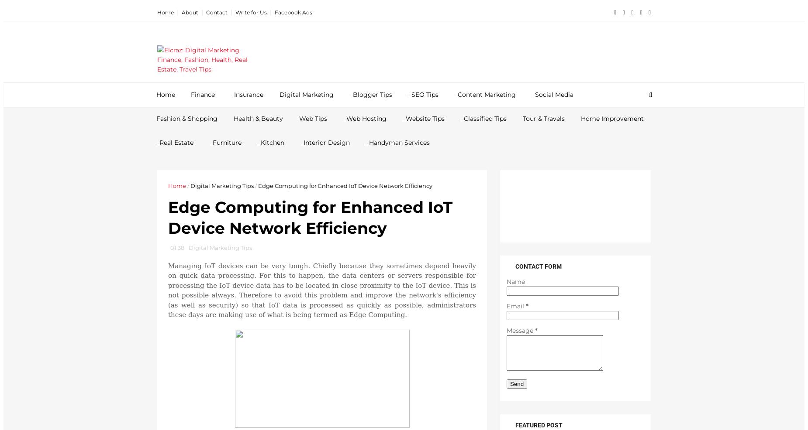  Describe the element at coordinates (538, 425) in the screenshot. I see `'Featured post'` at that location.